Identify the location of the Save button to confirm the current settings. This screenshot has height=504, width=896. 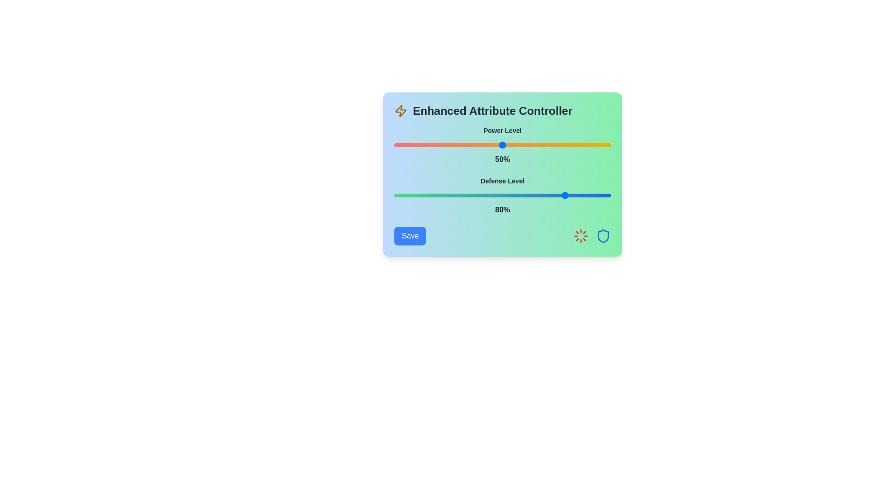
(410, 235).